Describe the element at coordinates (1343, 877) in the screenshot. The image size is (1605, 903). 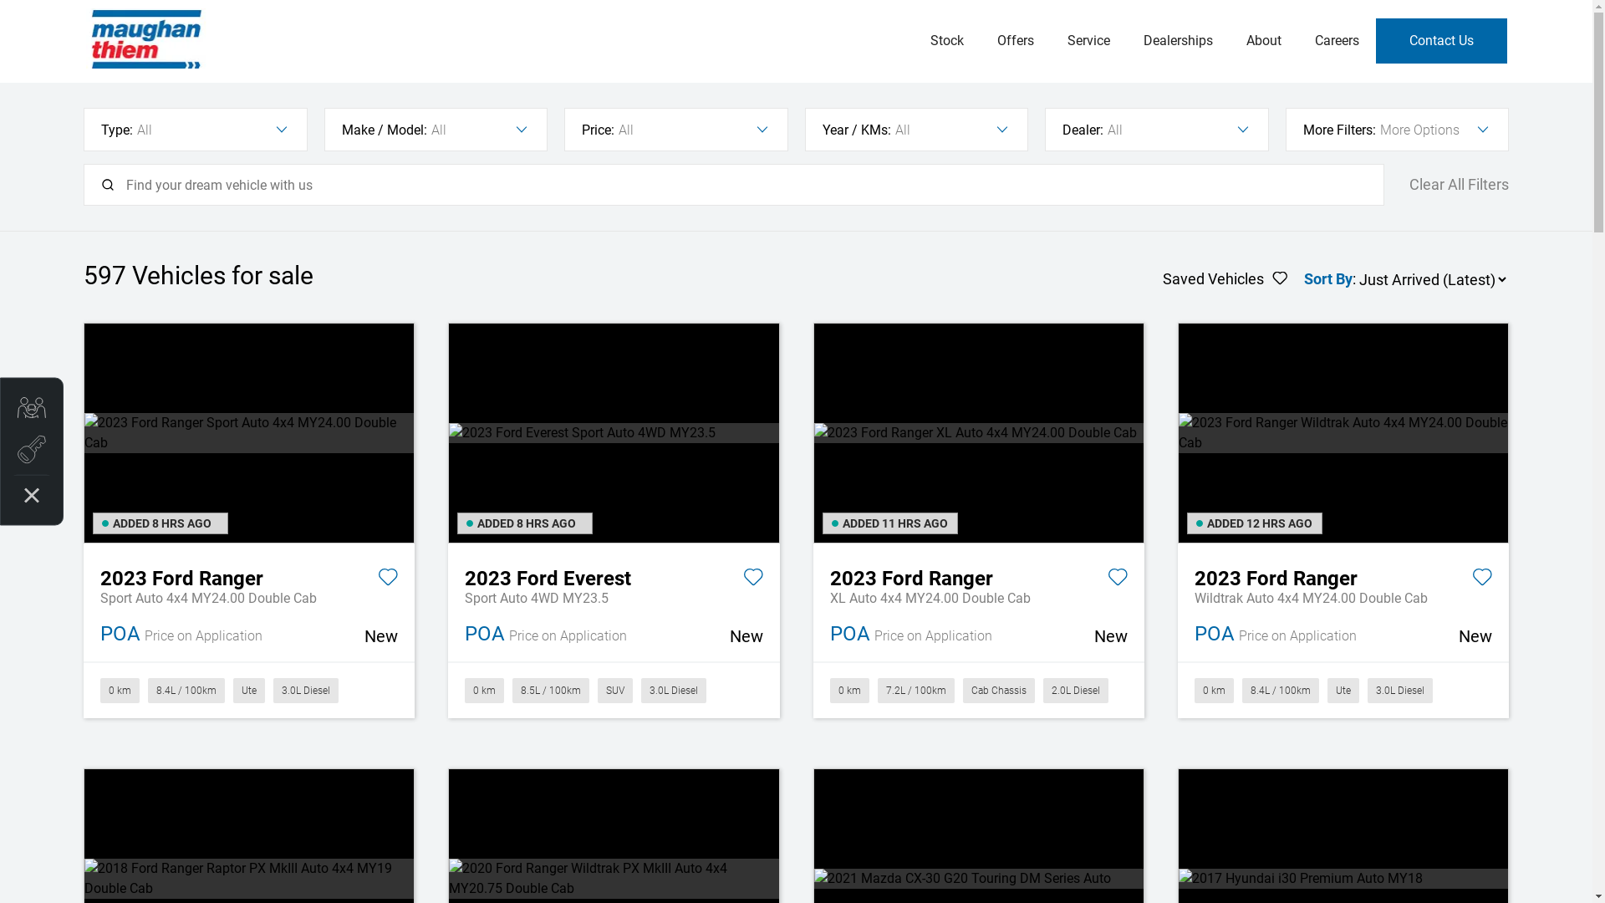
I see `'2017 Hyundai i30 Premium Auto MY18'` at that location.